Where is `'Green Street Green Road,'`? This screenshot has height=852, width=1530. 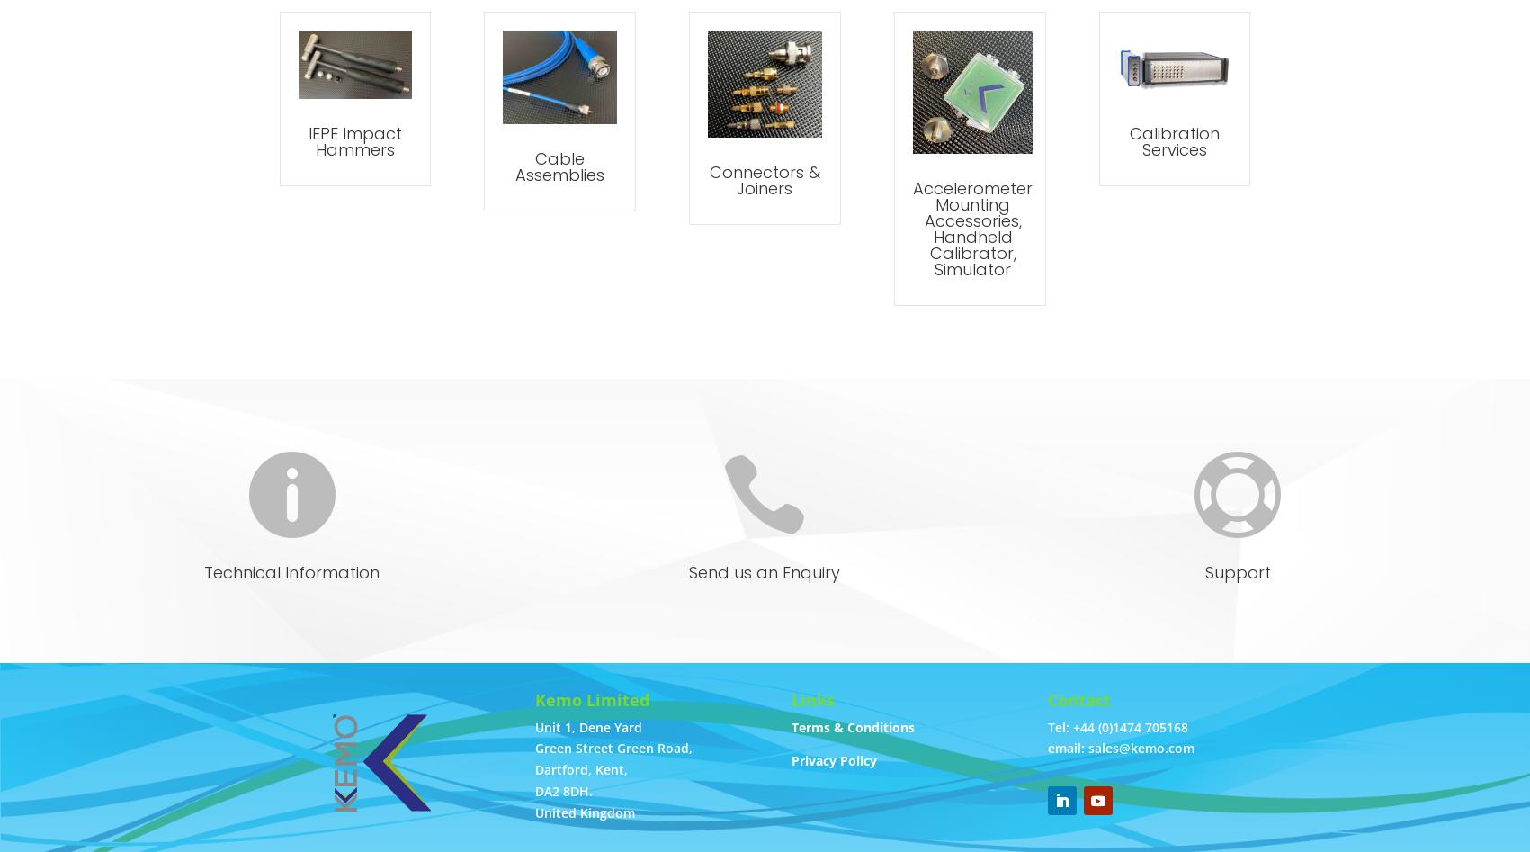 'Green Street Green Road,' is located at coordinates (613, 748).